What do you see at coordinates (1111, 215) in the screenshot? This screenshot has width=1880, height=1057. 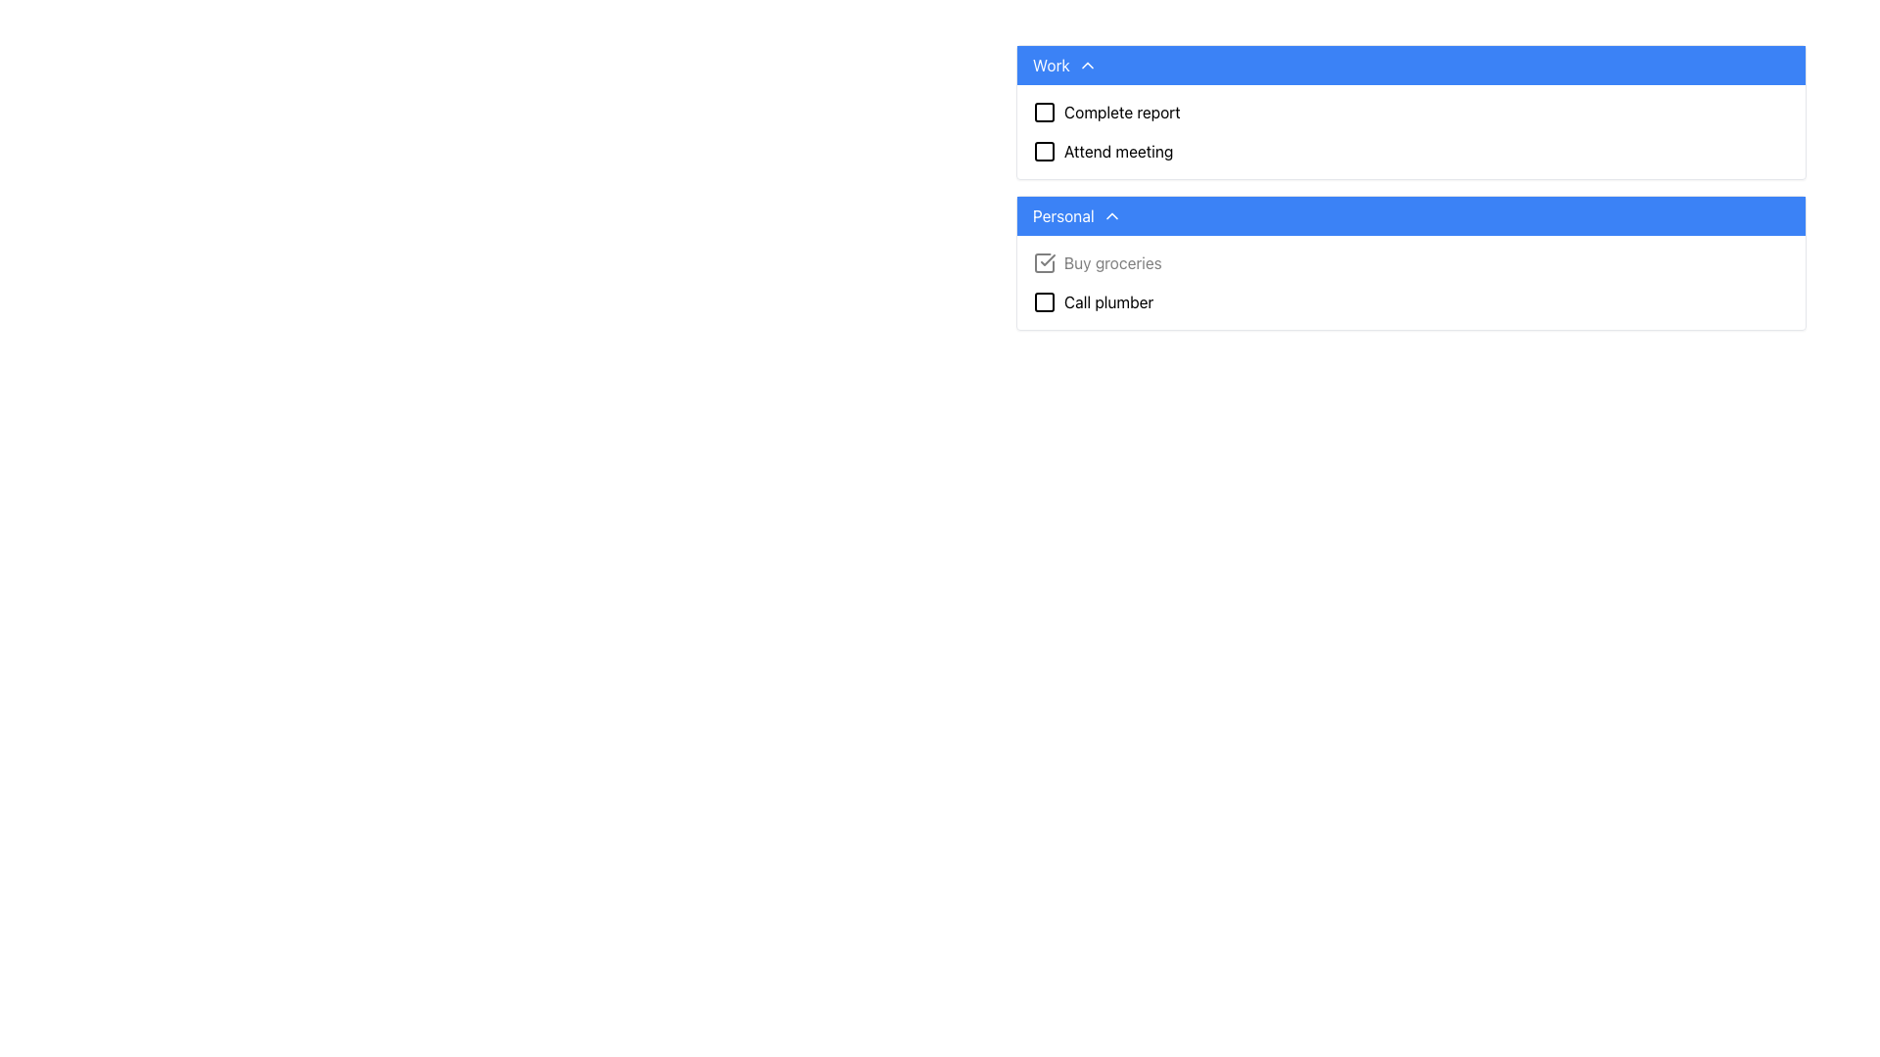 I see `the Chevron icon button located in the upper right portion of the 'Personal' header section` at bounding box center [1111, 215].